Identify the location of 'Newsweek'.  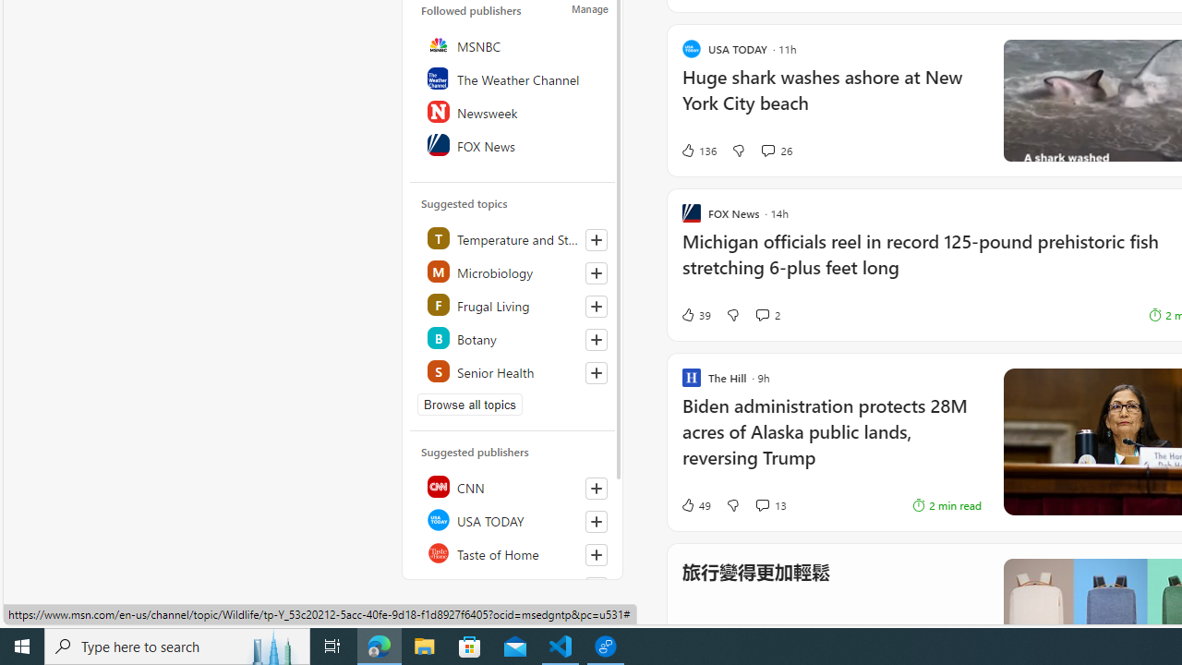
(513, 111).